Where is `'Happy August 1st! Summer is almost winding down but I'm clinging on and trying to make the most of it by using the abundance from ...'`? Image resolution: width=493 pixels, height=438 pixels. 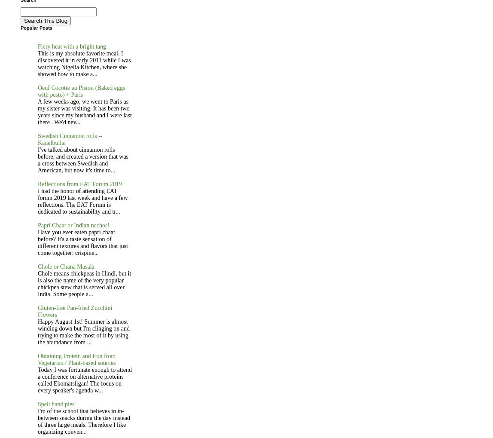
'Happy August 1st! Summer is almost winding down but I'm clinging on and trying to make the most of it by using the abundance from ...' is located at coordinates (84, 331).